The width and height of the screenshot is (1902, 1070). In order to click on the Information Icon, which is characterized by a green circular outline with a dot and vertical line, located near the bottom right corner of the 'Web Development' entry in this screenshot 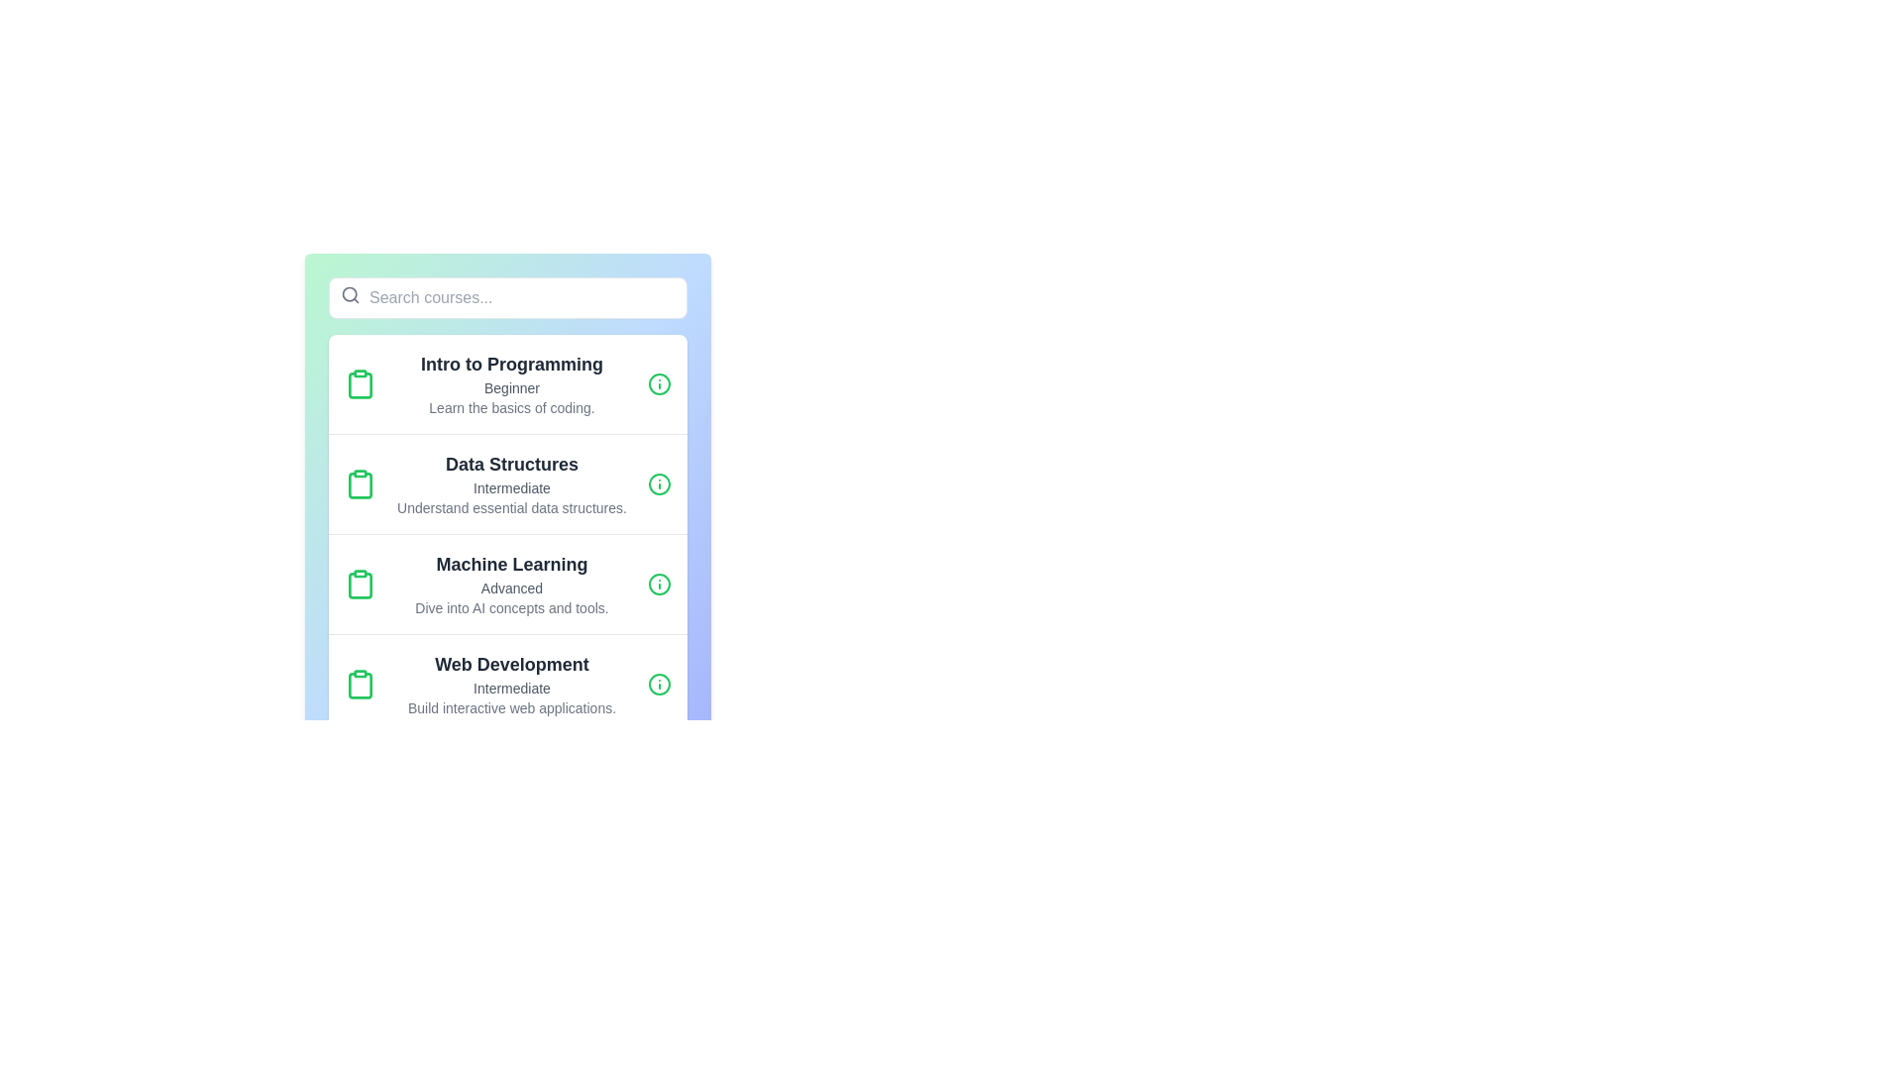, I will do `click(660, 683)`.